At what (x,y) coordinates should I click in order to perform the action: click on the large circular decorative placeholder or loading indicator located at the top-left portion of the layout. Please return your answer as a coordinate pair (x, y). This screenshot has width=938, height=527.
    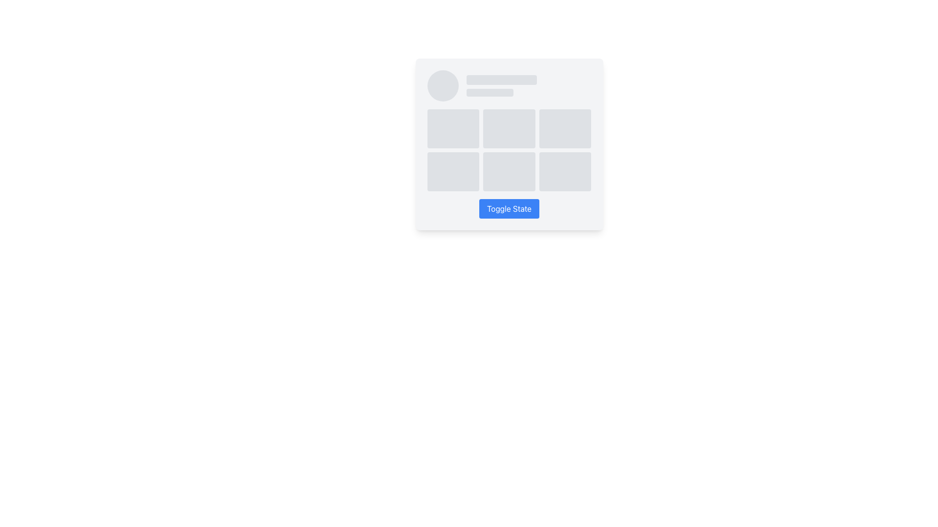
    Looking at the image, I should click on (442, 85).